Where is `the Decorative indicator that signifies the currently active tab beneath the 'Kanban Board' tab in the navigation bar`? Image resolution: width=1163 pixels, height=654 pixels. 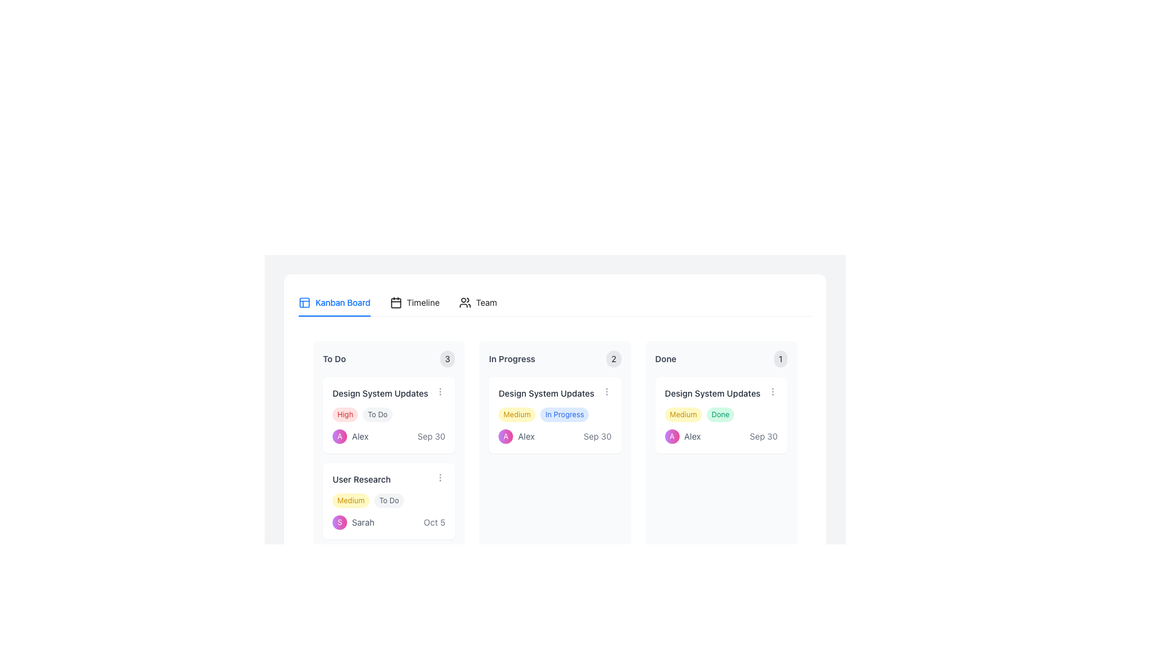
the Decorative indicator that signifies the currently active tab beneath the 'Kanban Board' tab in the navigation bar is located at coordinates (334, 315).